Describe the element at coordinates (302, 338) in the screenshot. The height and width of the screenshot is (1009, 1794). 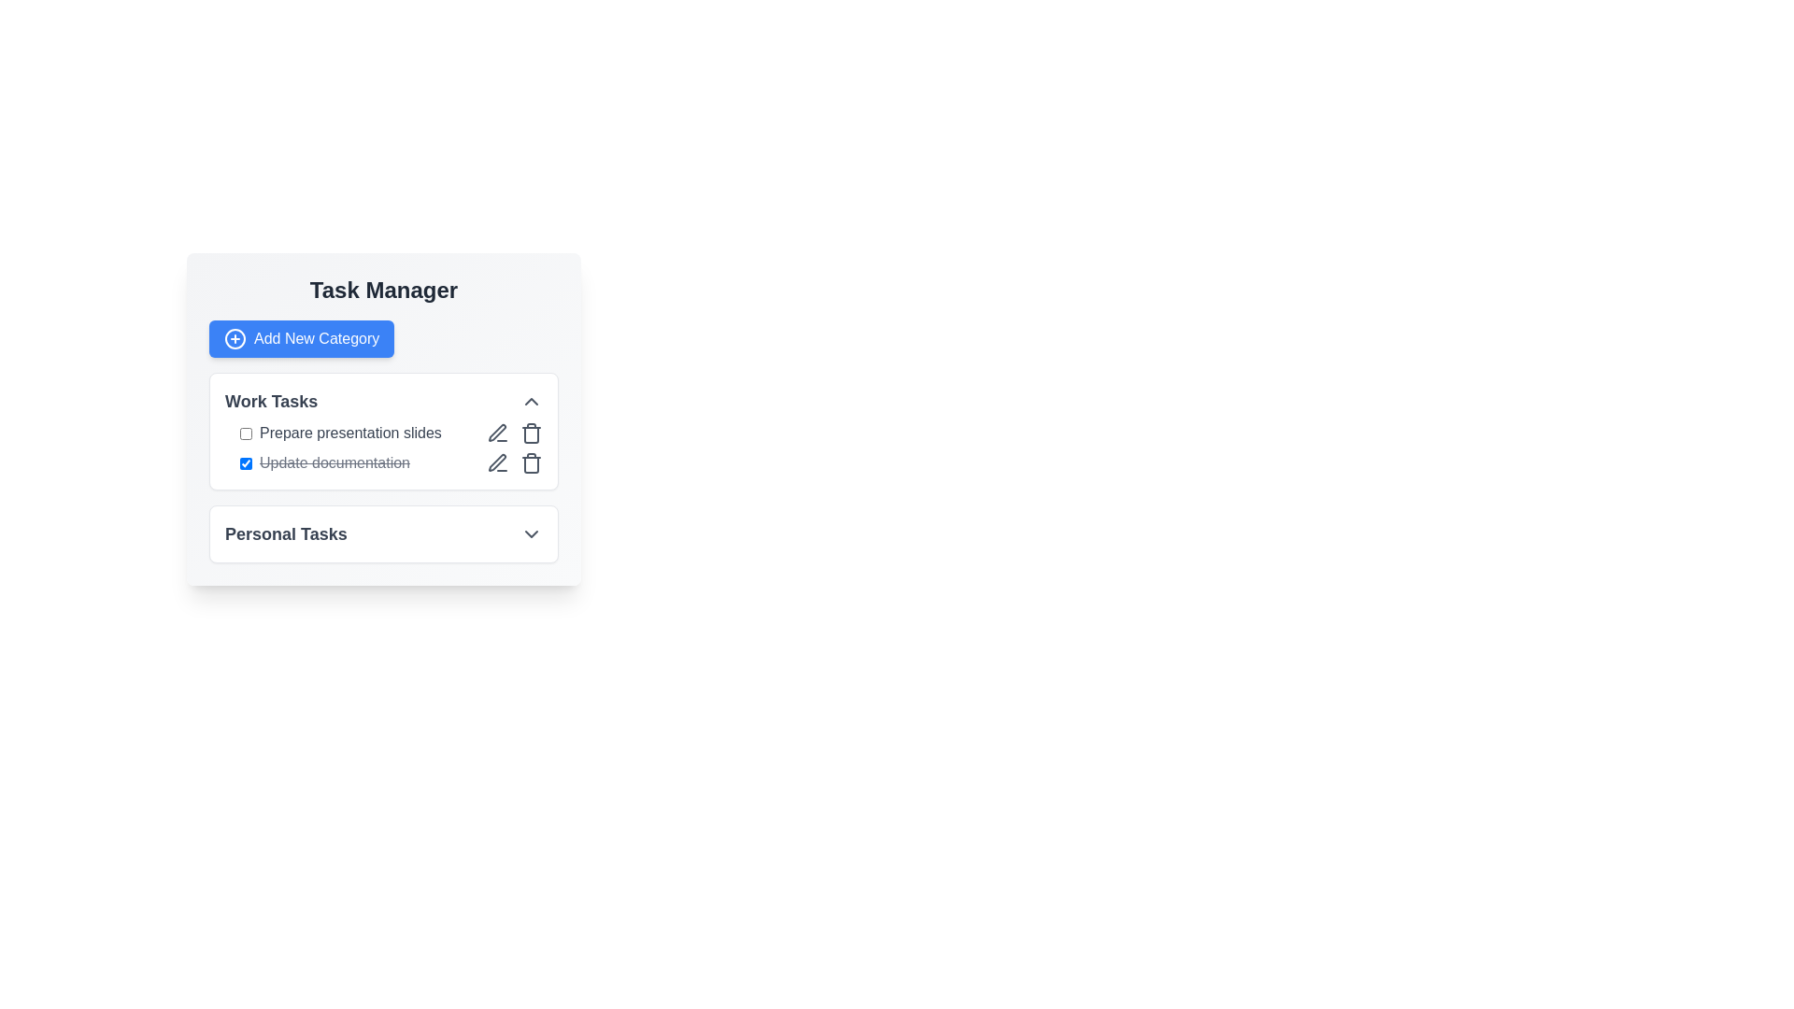
I see `the interactive button for adding a new category` at that location.